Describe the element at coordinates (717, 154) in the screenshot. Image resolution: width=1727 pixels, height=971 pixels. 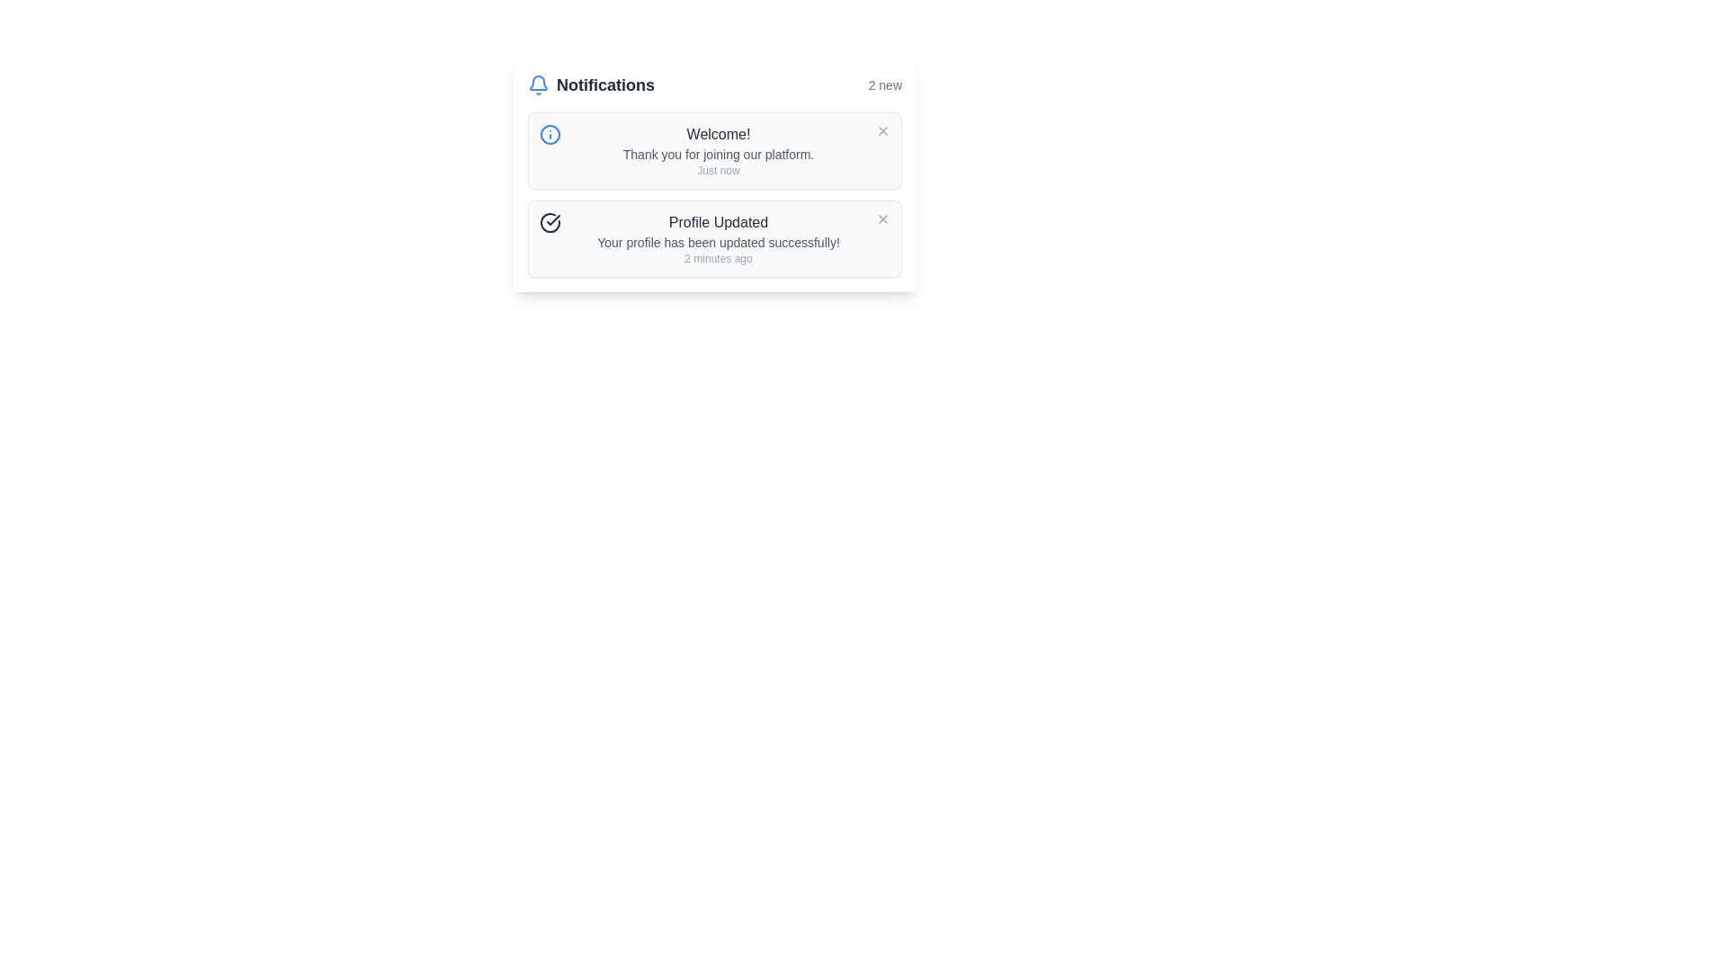
I see `the small-sized gray text stating 'Thank you for joining our platform.' which is located beneath the bold title 'Welcome!' and above the timestamp 'Just now' in the notification box` at that location.